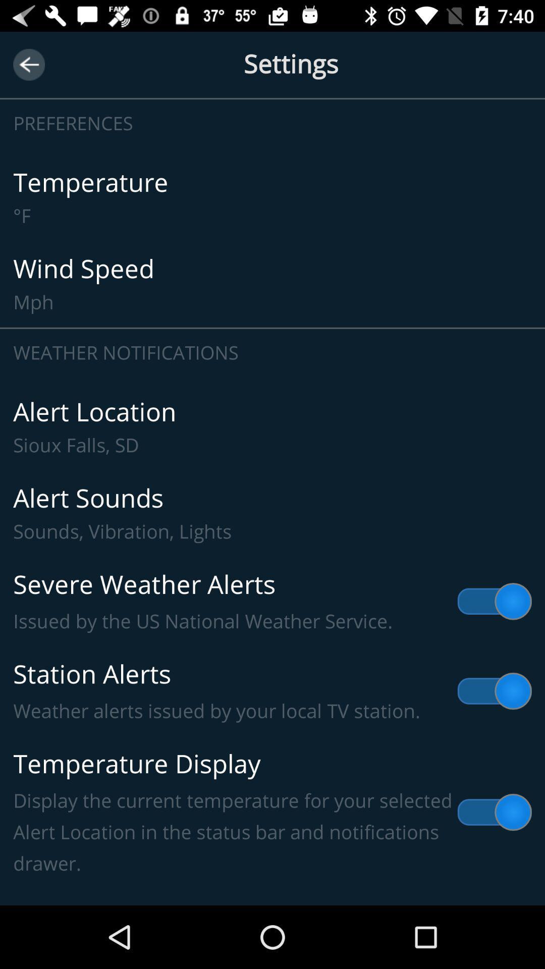  What do you see at coordinates (272, 513) in the screenshot?
I see `item below alert location sioux icon` at bounding box center [272, 513].